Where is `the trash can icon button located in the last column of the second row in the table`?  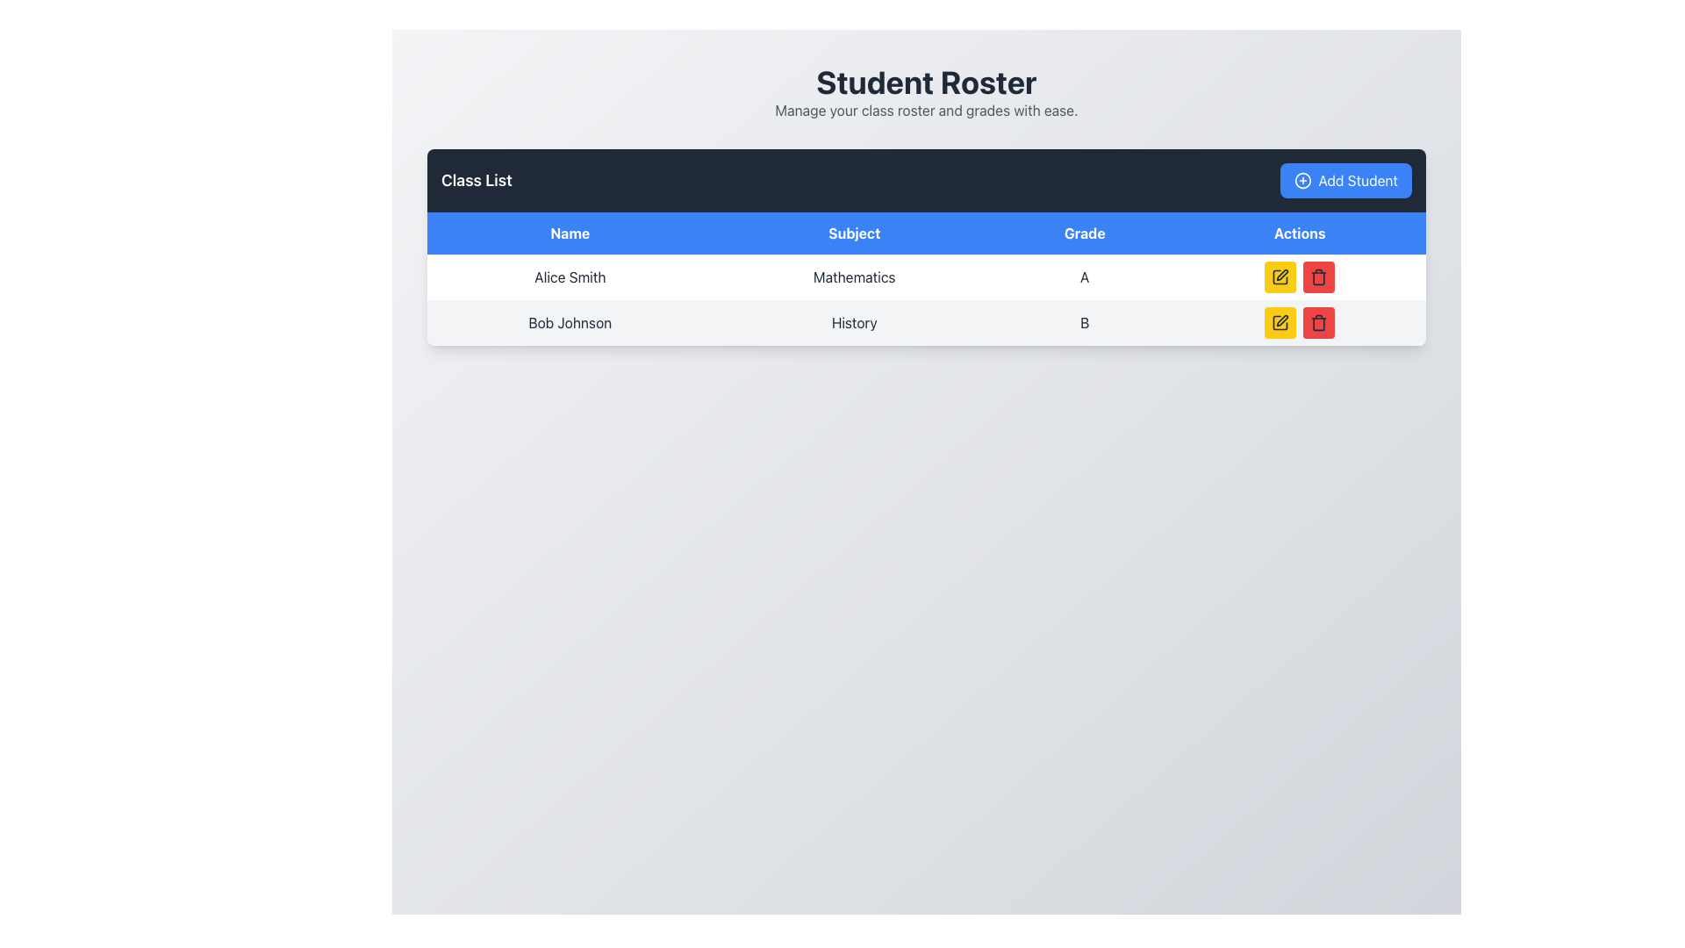
the trash can icon button located in the last column of the second row in the table is located at coordinates (1319, 276).